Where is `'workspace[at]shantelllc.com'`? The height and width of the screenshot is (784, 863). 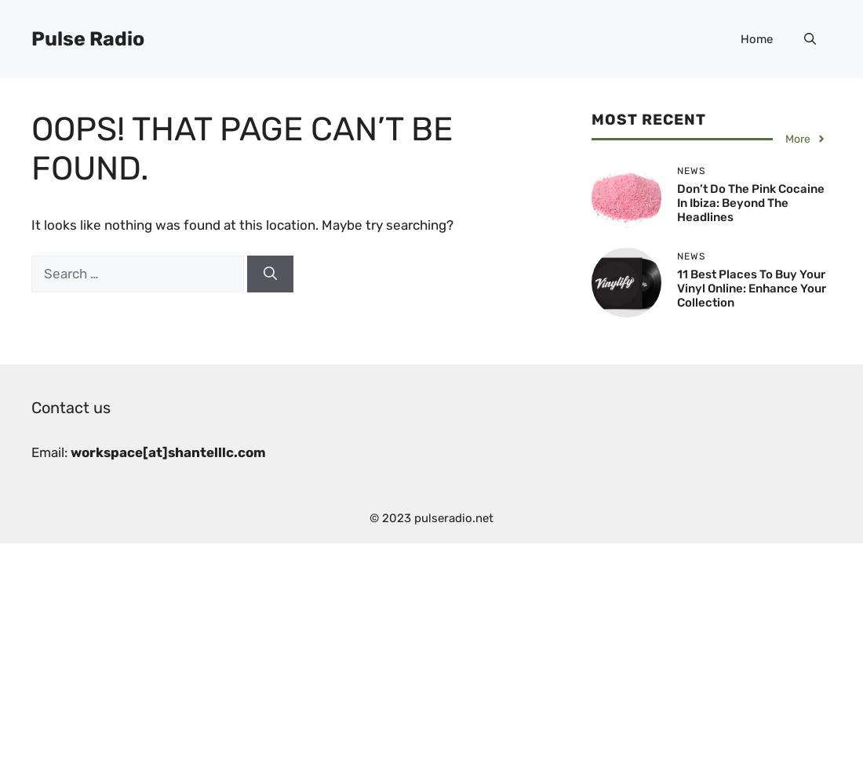
'workspace[at]shantelllc.com' is located at coordinates (168, 451).